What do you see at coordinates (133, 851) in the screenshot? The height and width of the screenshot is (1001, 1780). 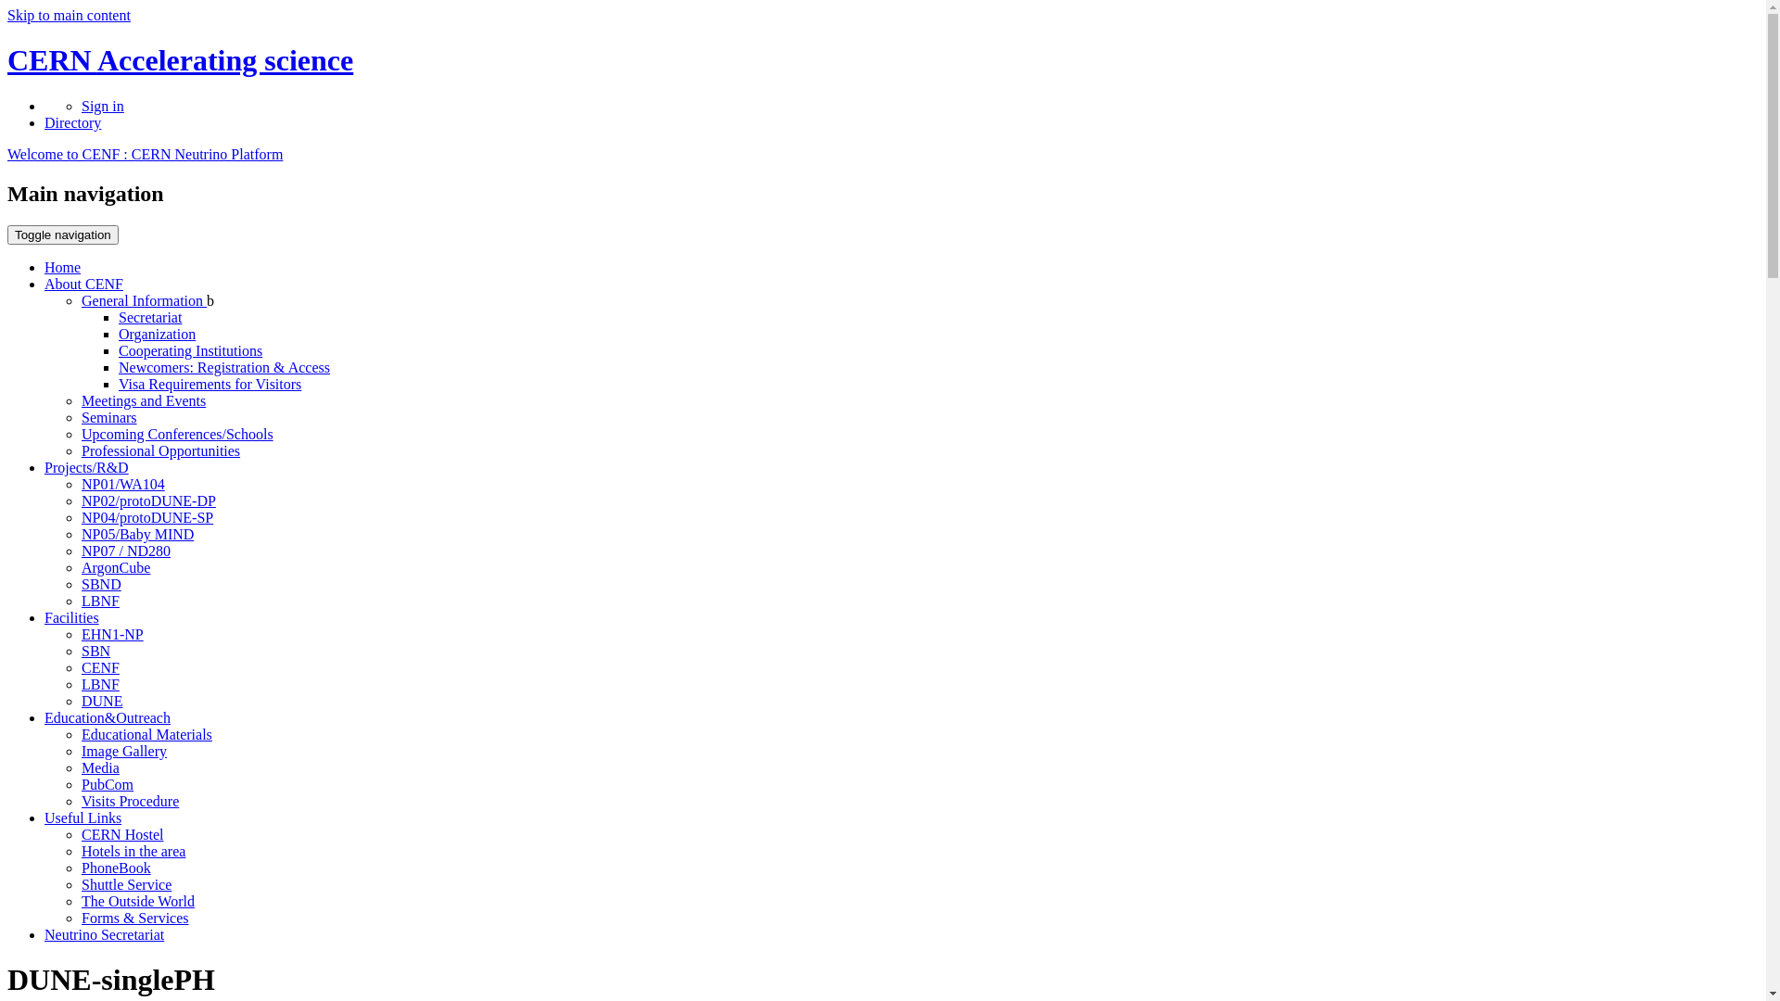 I see `'Hotels in the area'` at bounding box center [133, 851].